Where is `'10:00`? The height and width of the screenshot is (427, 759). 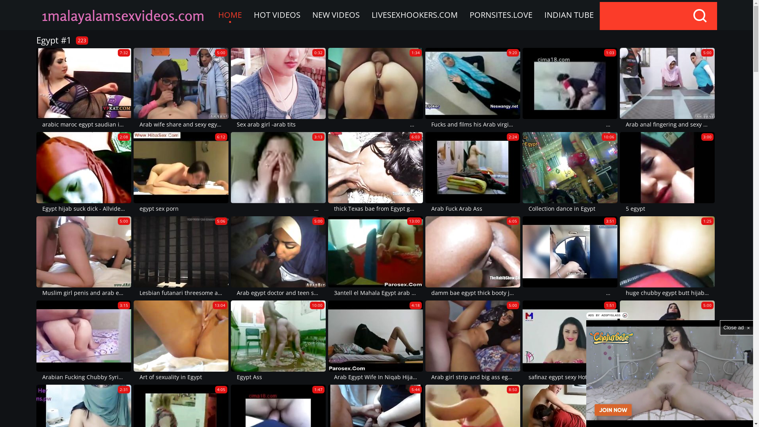
'10:00 is located at coordinates (230, 341).